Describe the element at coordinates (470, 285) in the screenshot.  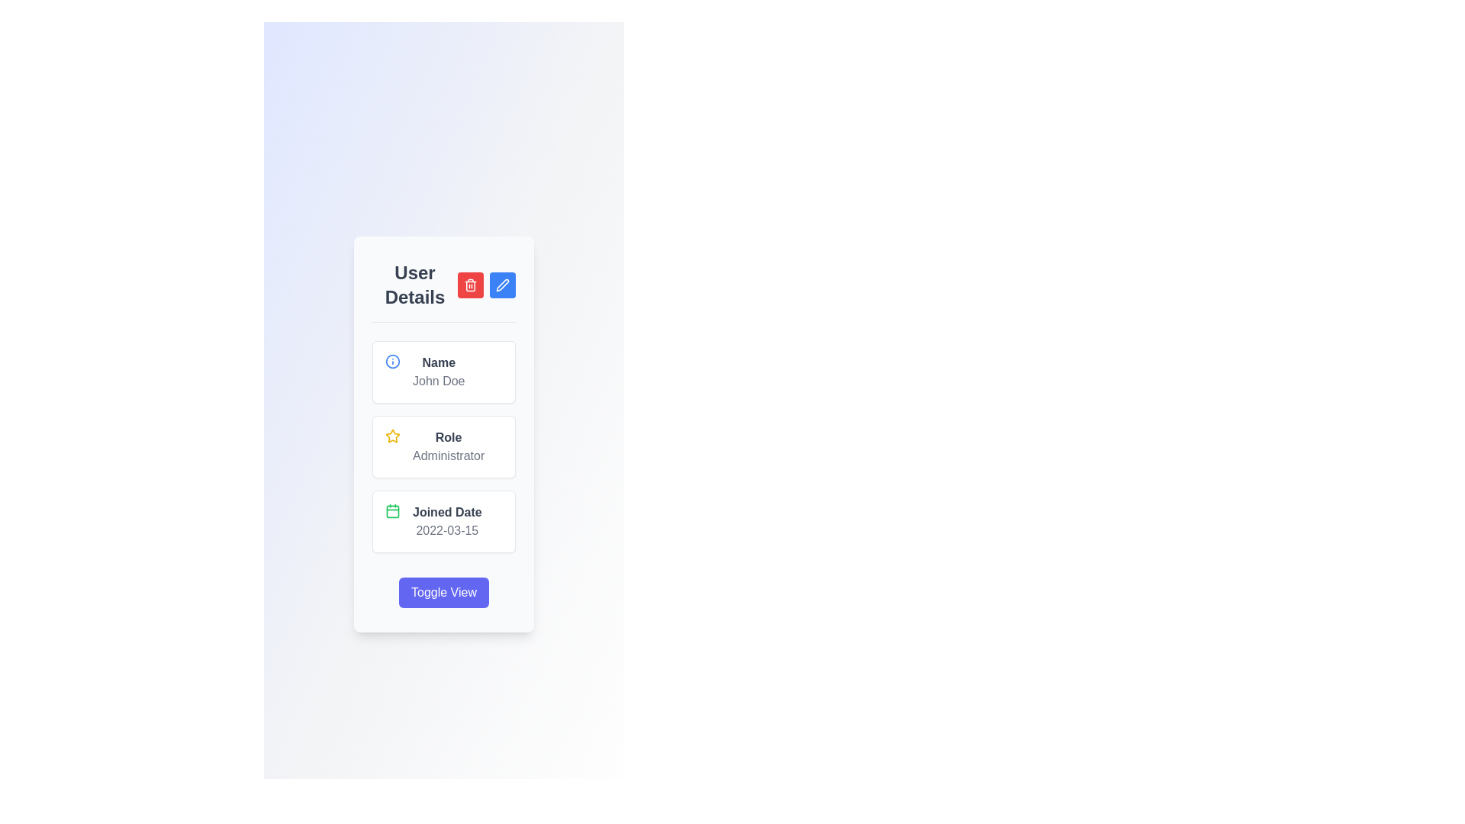
I see `the trash bin icon button, which is styled as a red square with rounded corners, located in the upper-right area of the 'User Details' card layout` at that location.